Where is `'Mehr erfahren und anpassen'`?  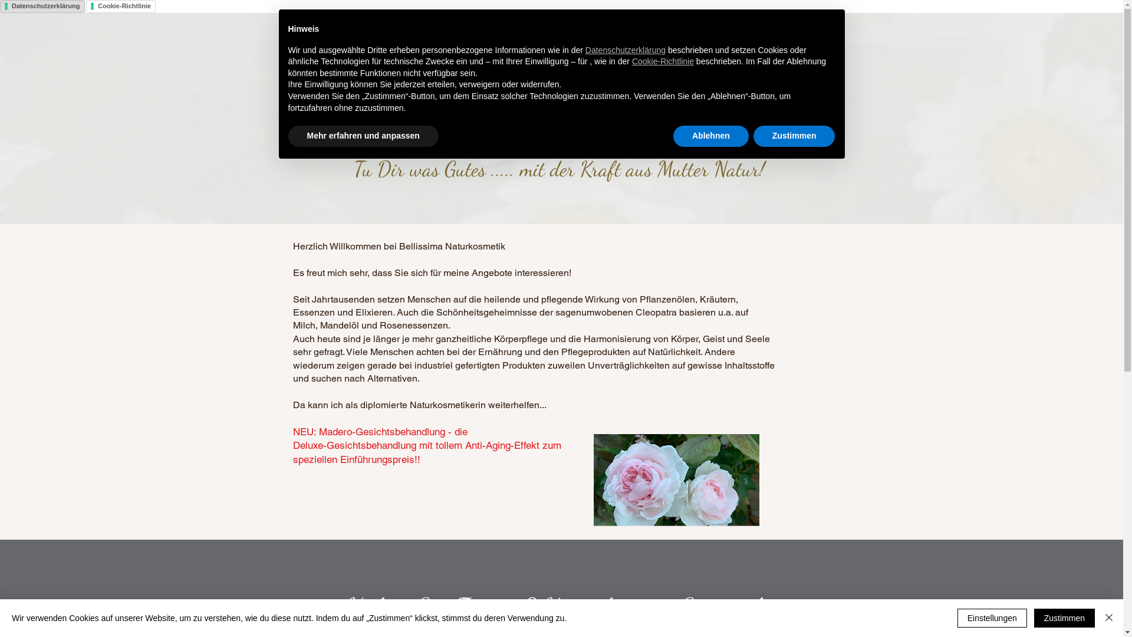
'Mehr erfahren und anpassen' is located at coordinates (362, 136).